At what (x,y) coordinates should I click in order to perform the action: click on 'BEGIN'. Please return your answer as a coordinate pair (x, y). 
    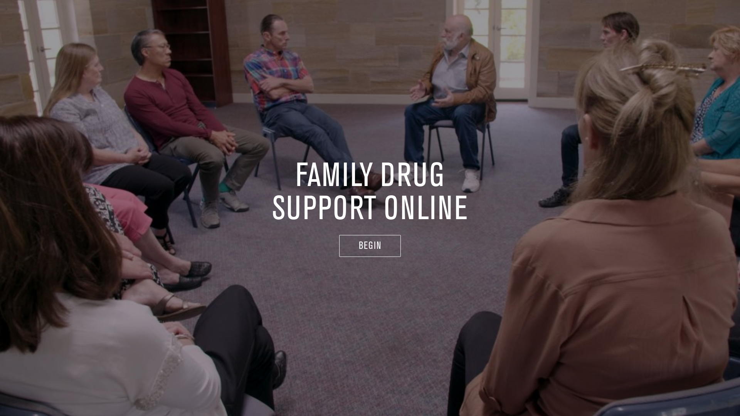
    Looking at the image, I should click on (339, 246).